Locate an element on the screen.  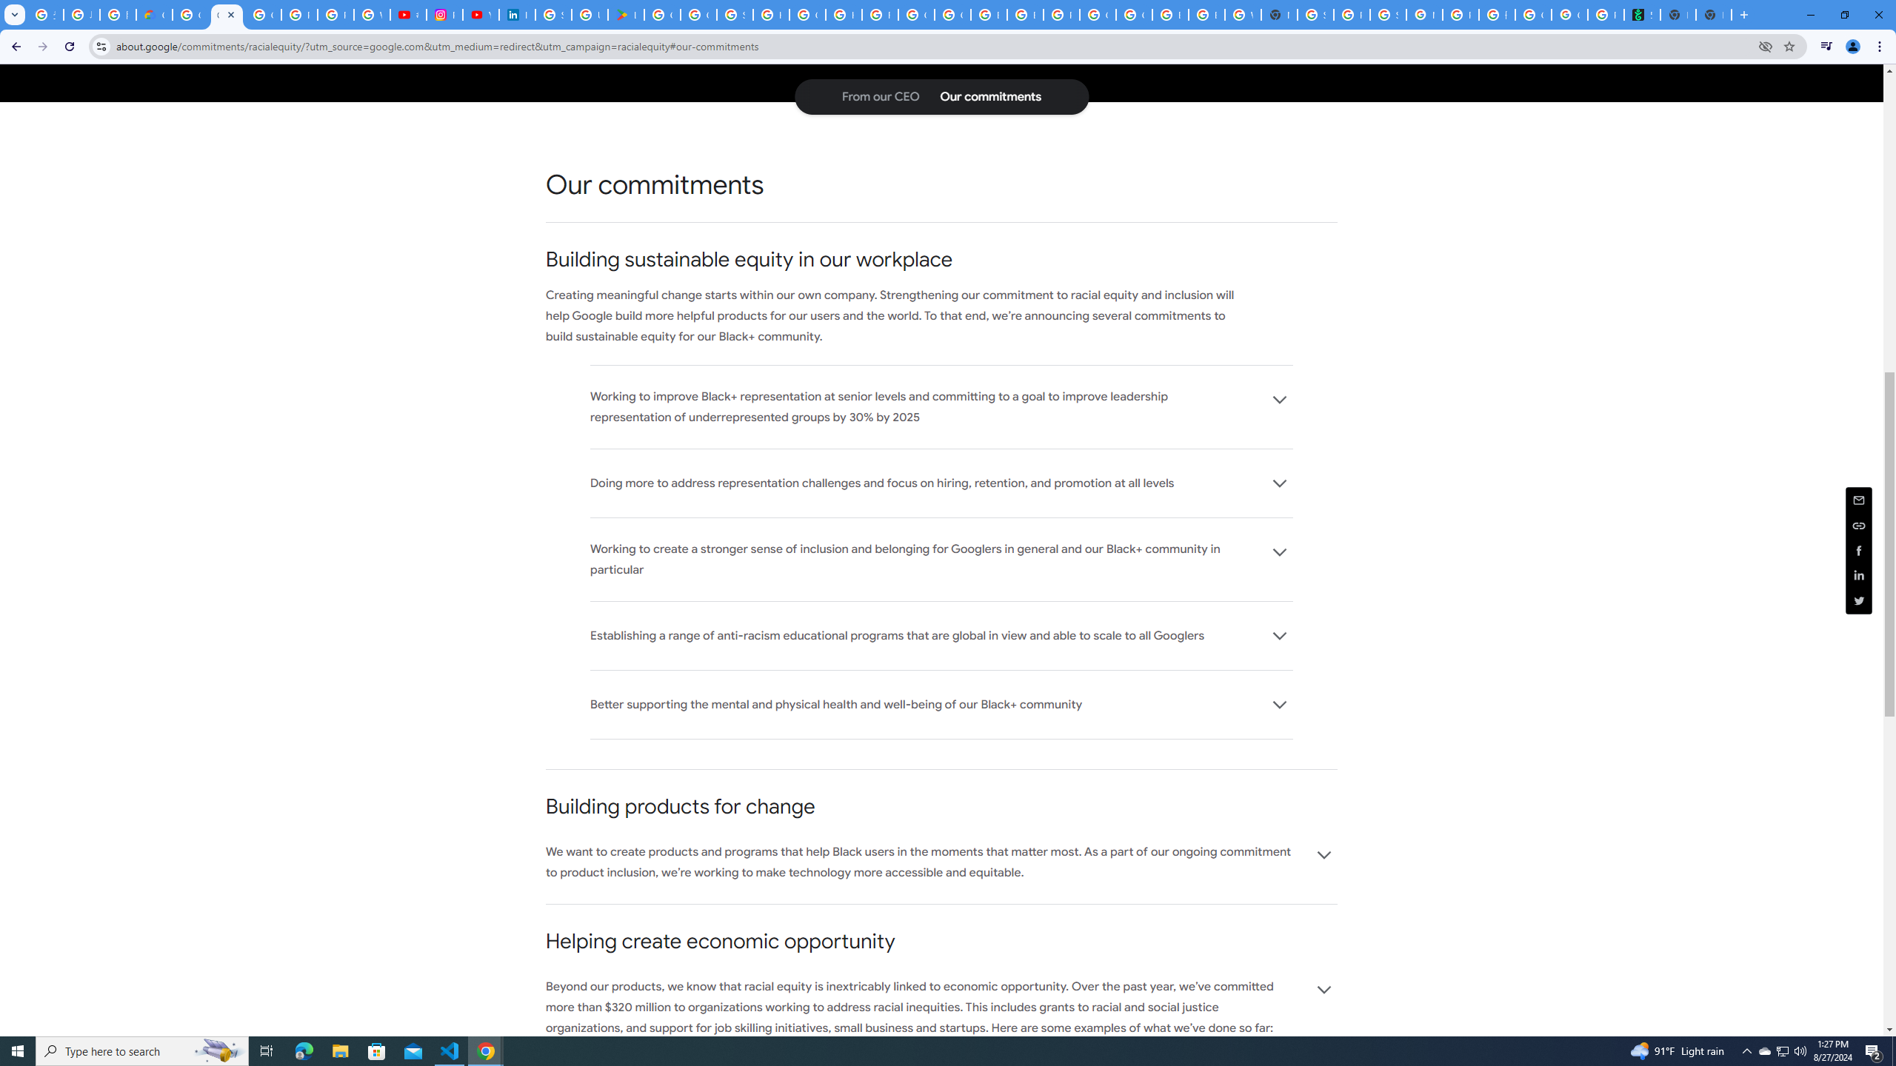
'YouTube Culture & Trends - On The Rise: Handcam Videos' is located at coordinates (481, 14).